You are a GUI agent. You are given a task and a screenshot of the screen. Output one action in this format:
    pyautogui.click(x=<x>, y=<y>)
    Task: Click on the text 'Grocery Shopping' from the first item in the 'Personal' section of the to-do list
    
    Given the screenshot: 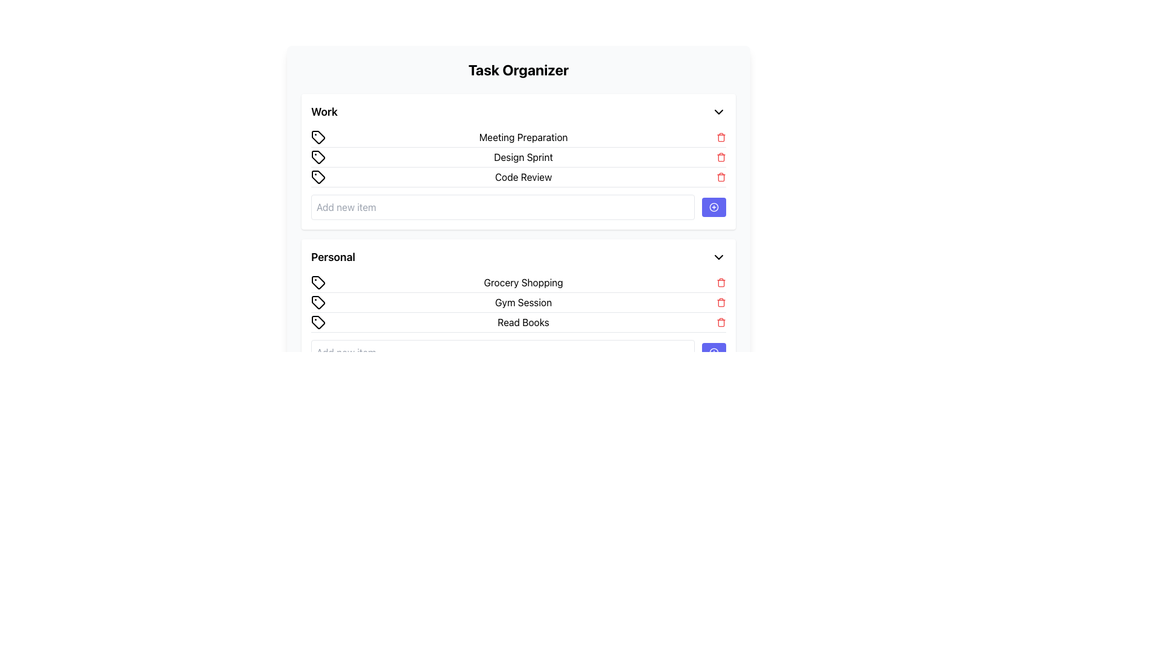 What is the action you would take?
    pyautogui.click(x=518, y=283)
    